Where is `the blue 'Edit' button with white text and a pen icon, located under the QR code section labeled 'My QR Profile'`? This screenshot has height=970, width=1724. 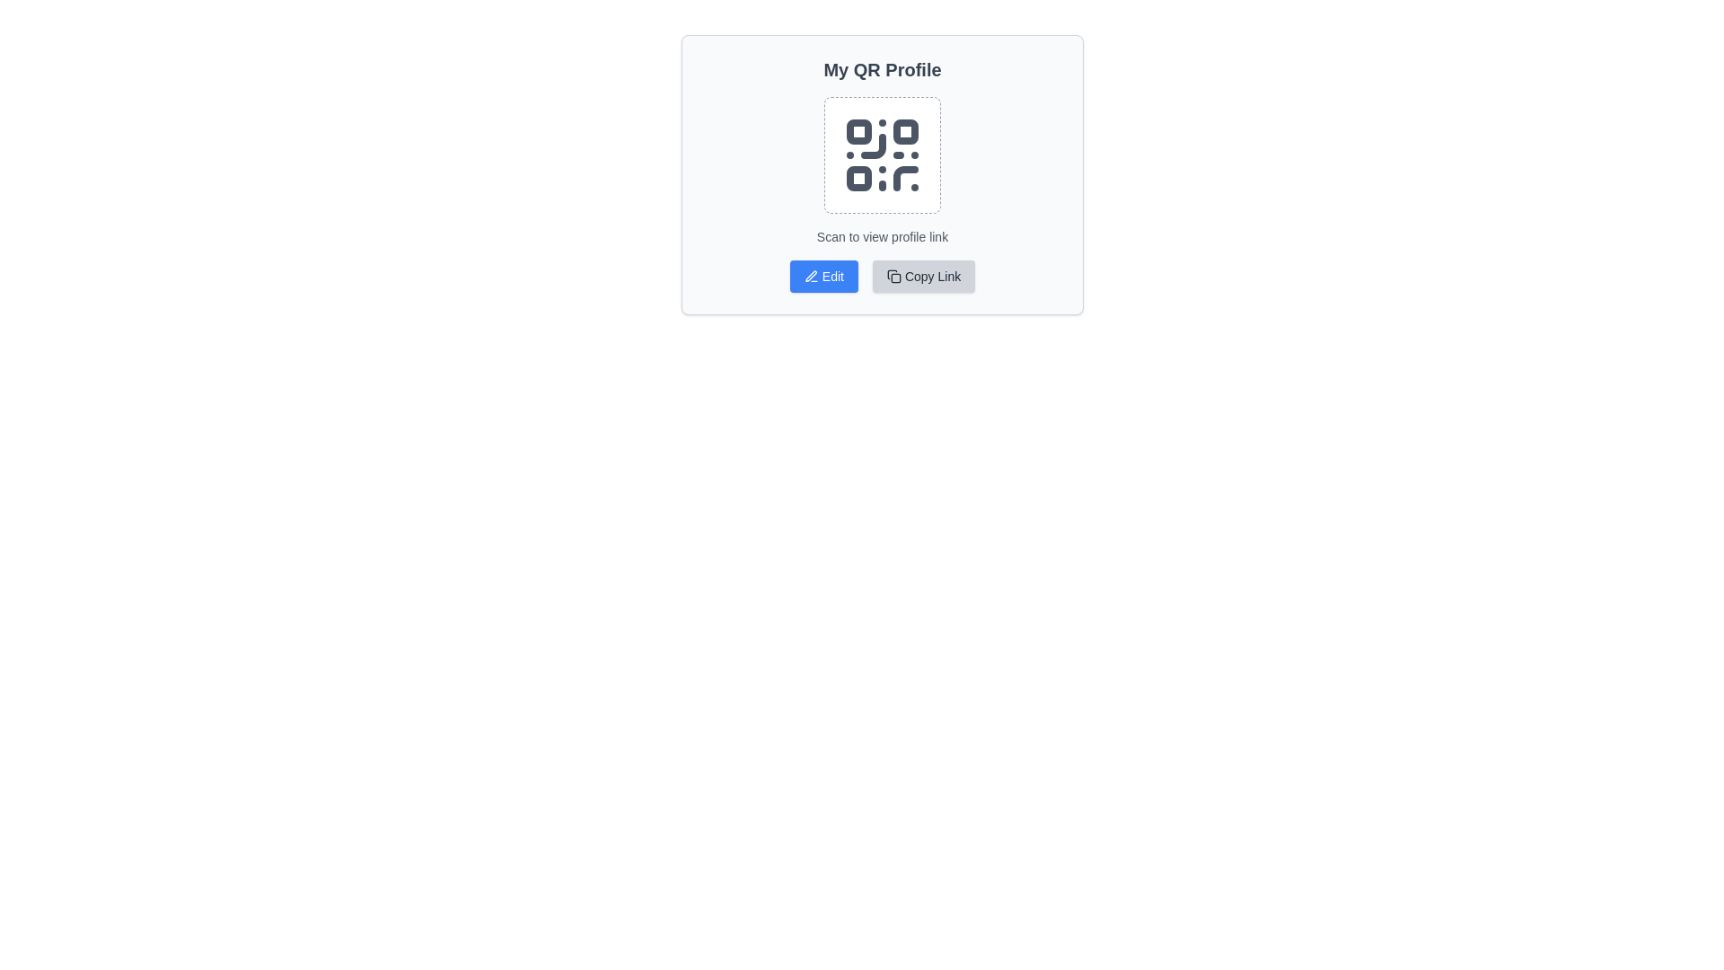 the blue 'Edit' button with white text and a pen icon, located under the QR code section labeled 'My QR Profile' is located at coordinates (822, 277).